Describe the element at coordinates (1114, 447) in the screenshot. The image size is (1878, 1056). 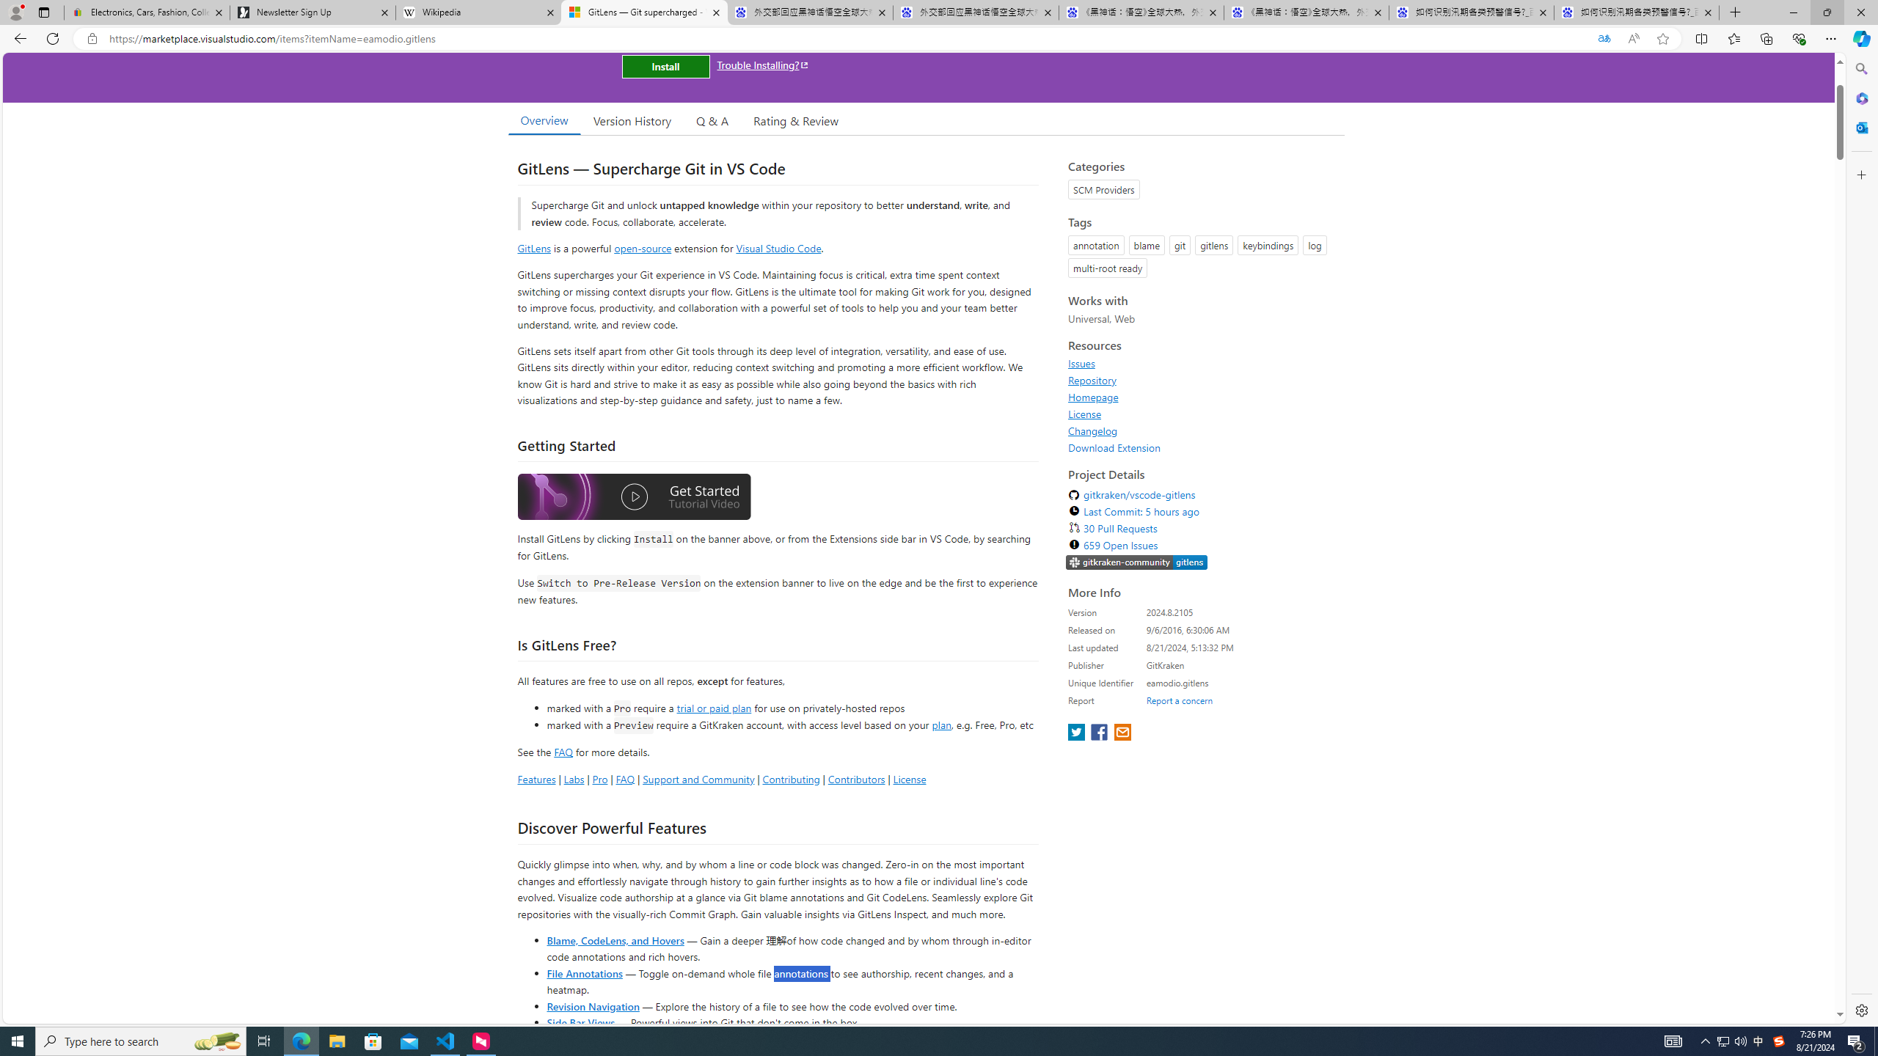
I see `'Download Extension'` at that location.